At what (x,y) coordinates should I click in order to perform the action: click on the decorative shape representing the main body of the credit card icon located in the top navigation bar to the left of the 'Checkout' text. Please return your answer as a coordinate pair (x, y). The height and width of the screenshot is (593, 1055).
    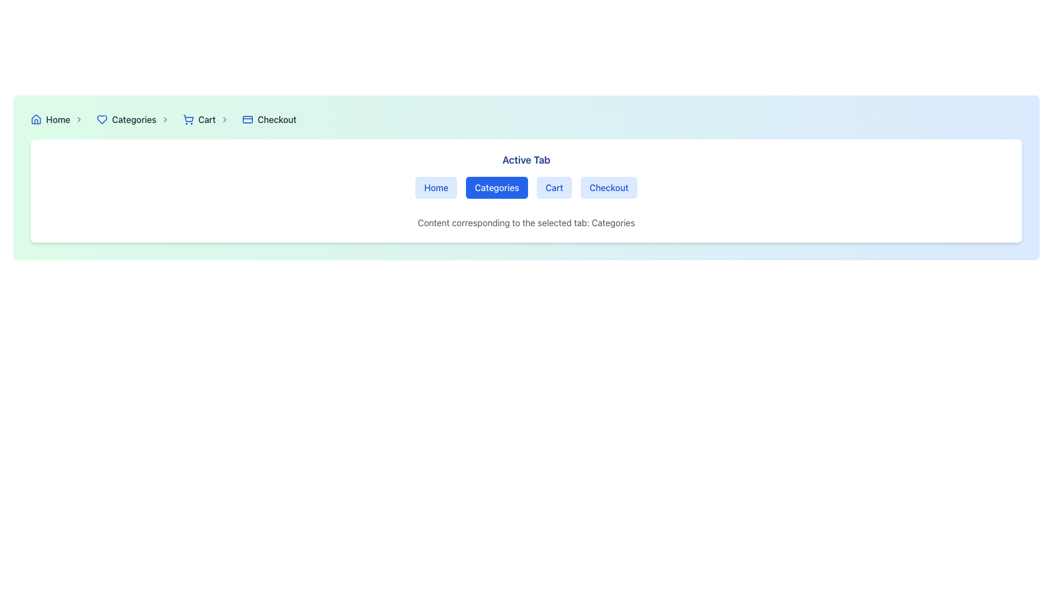
    Looking at the image, I should click on (247, 120).